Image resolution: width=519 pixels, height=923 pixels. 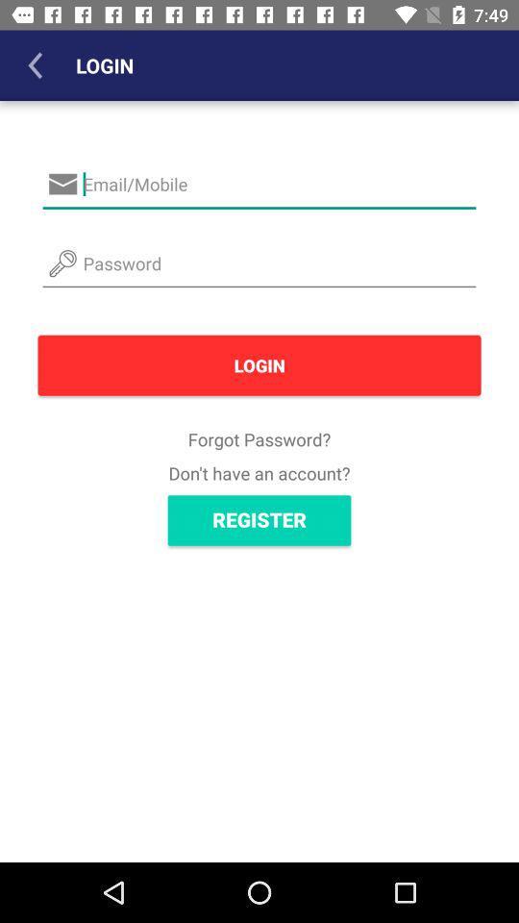 What do you see at coordinates (259, 439) in the screenshot?
I see `icon above the don t have` at bounding box center [259, 439].